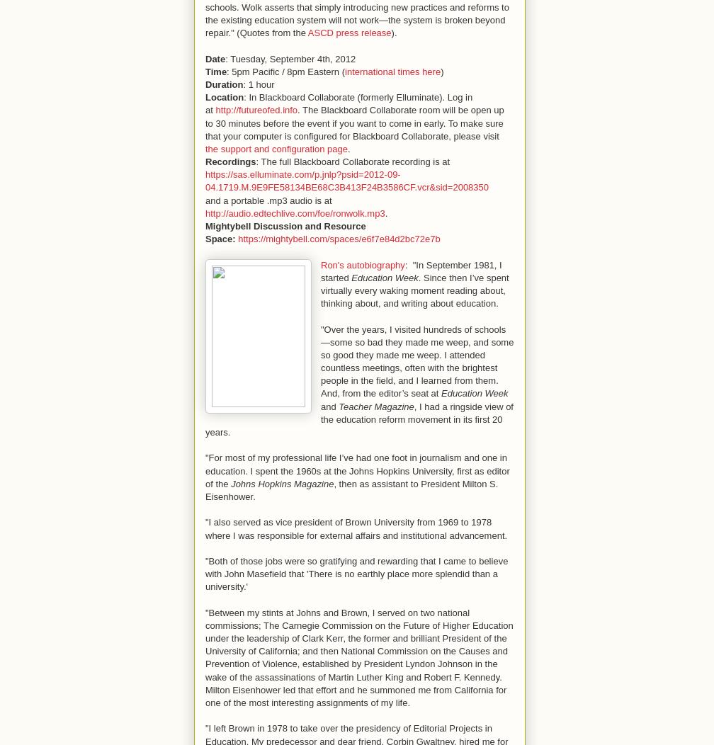  Describe the element at coordinates (339, 103) in the screenshot. I see `': In Blackboard Collaborate (formerly Elluminate). Log in at'` at that location.